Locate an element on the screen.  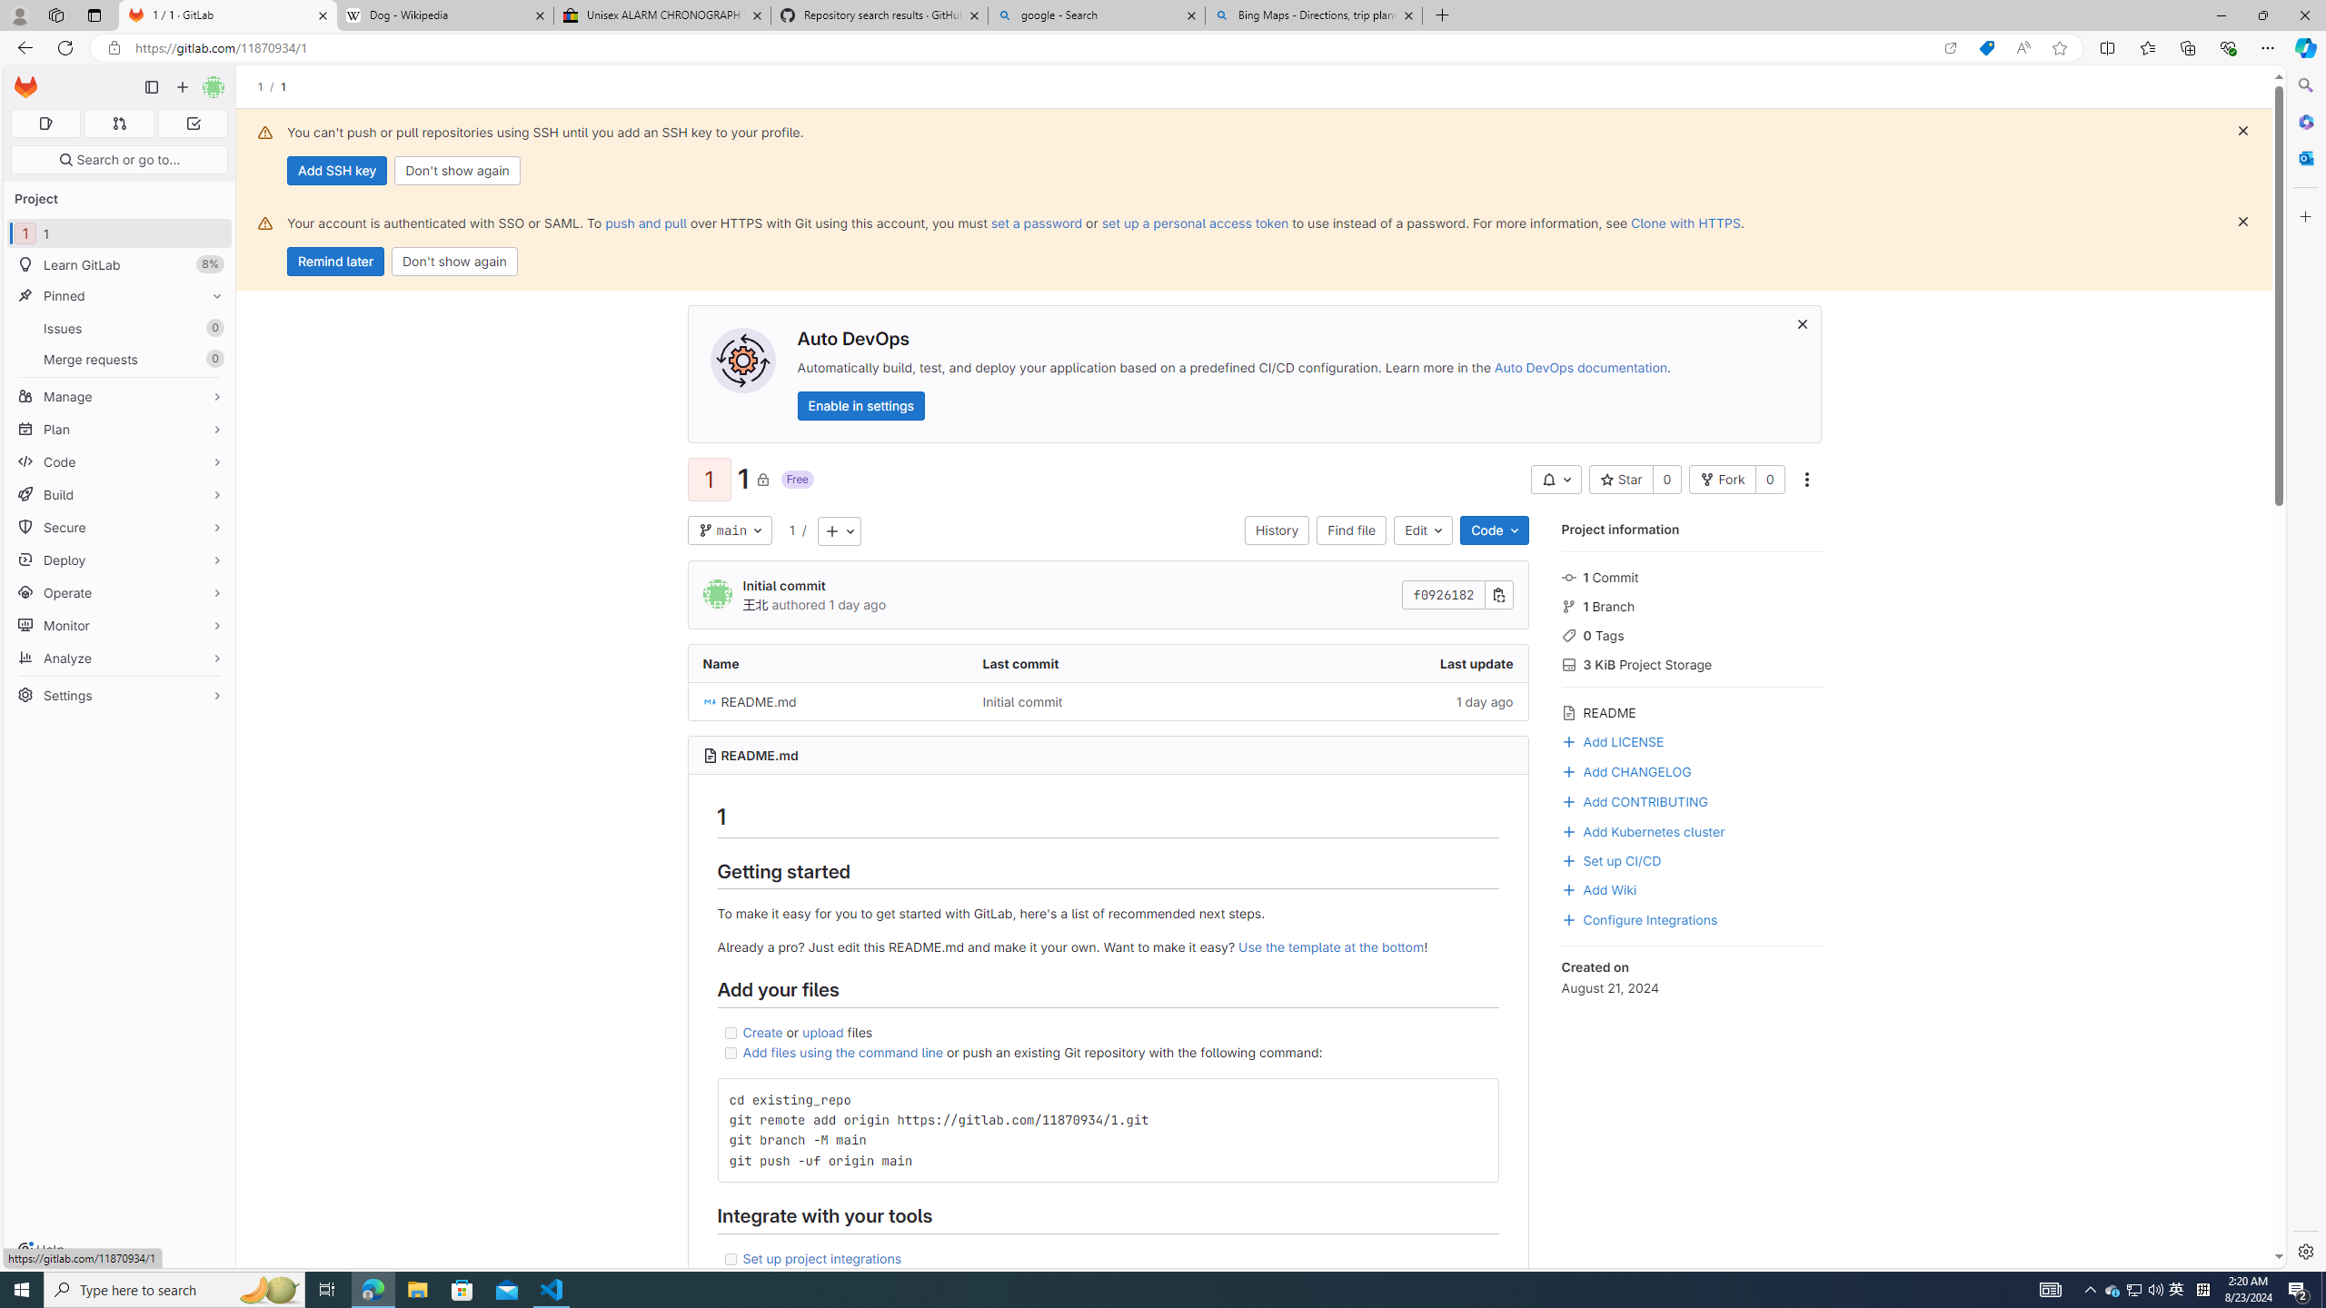
'upload' is located at coordinates (822, 1031).